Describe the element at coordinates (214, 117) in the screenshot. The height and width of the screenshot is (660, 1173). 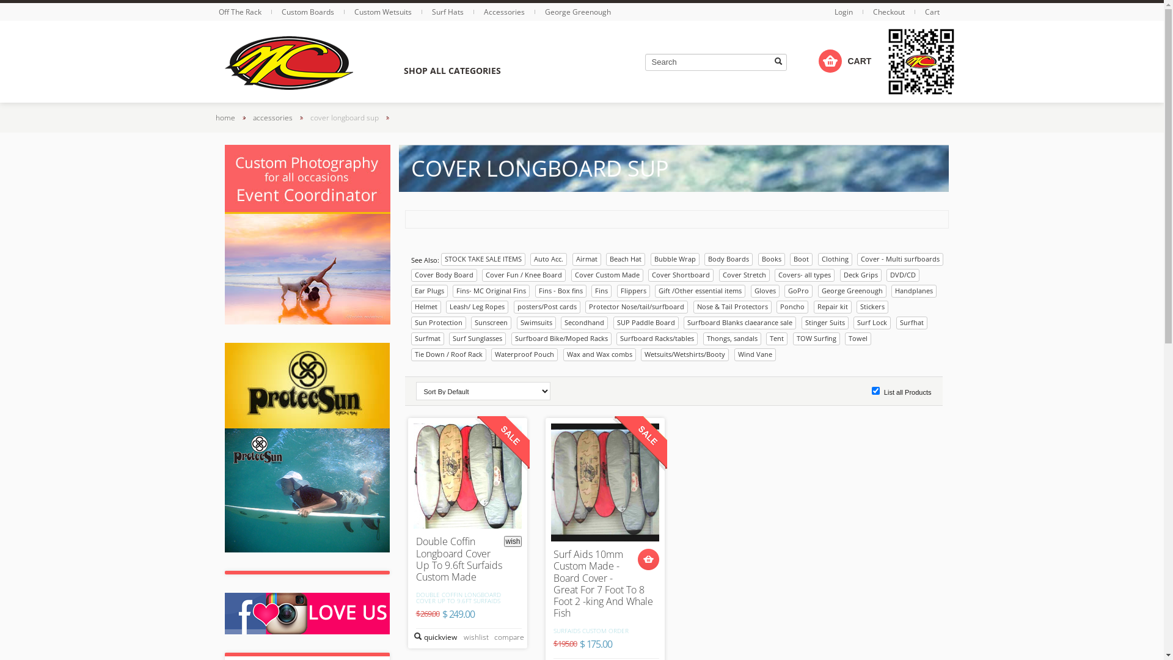
I see `'home'` at that location.